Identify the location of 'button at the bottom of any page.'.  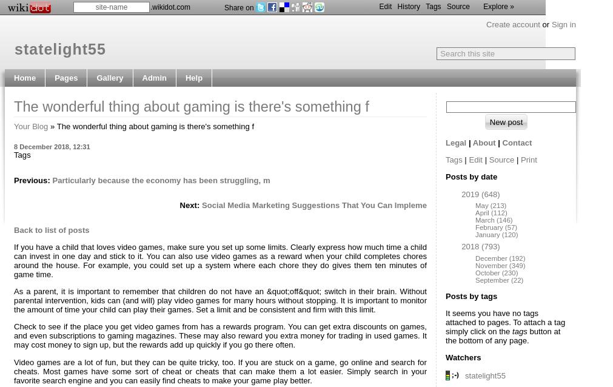
(444, 335).